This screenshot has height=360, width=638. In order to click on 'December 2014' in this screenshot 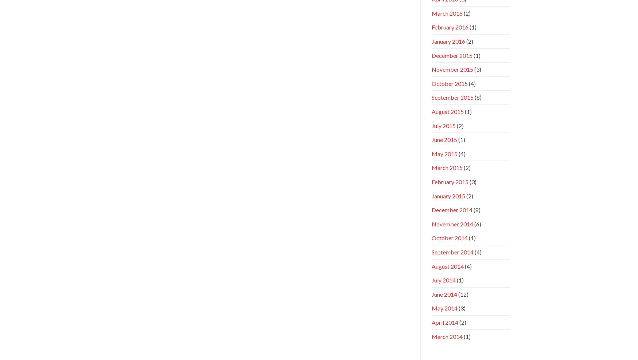, I will do `click(452, 209)`.